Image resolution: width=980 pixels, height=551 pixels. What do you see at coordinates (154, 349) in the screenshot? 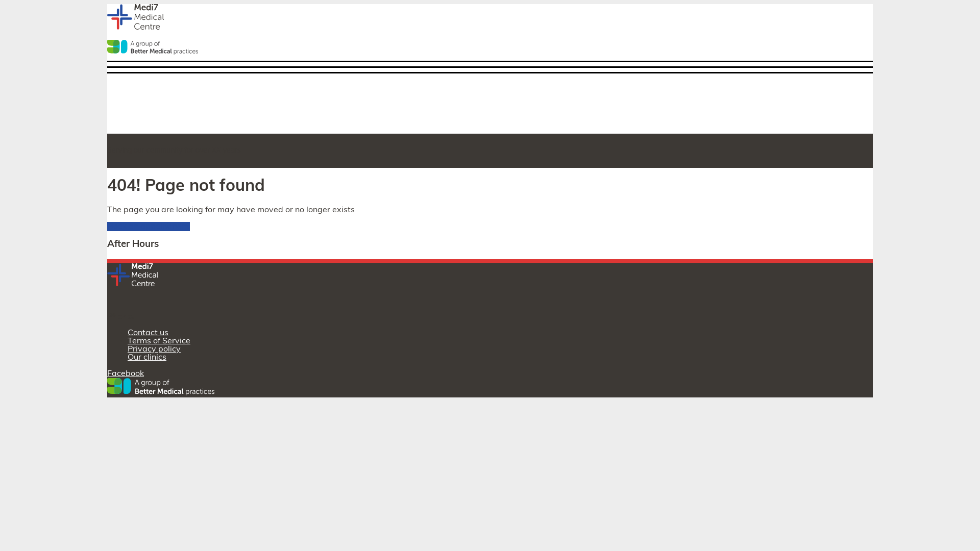
I see `'Privacy policy'` at bounding box center [154, 349].